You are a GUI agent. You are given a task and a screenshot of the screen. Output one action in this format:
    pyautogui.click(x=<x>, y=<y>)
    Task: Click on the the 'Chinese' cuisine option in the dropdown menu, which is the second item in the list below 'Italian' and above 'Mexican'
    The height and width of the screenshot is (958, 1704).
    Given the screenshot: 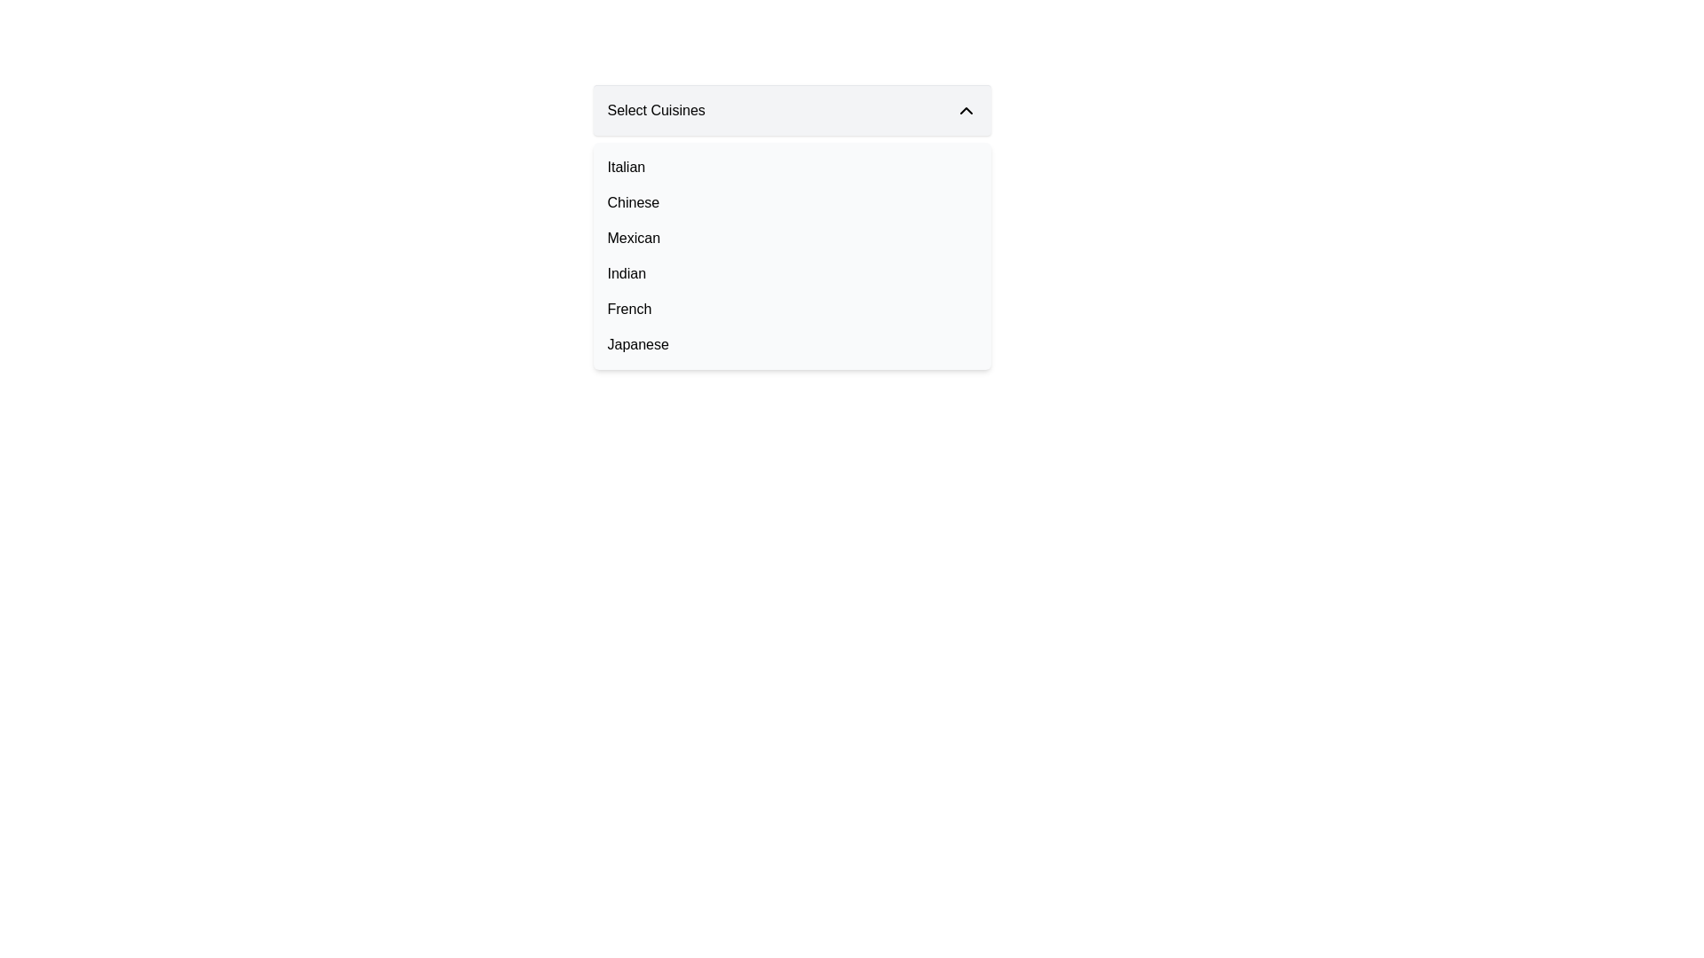 What is the action you would take?
    pyautogui.click(x=633, y=201)
    